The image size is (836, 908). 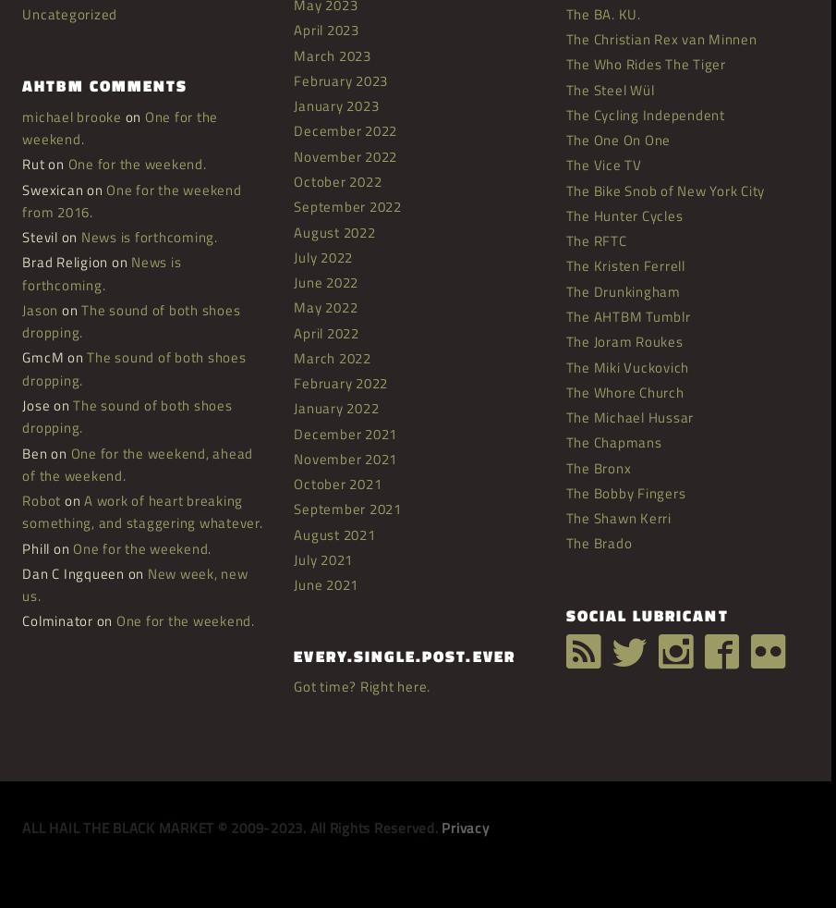 What do you see at coordinates (293, 104) in the screenshot?
I see `'January 2023'` at bounding box center [293, 104].